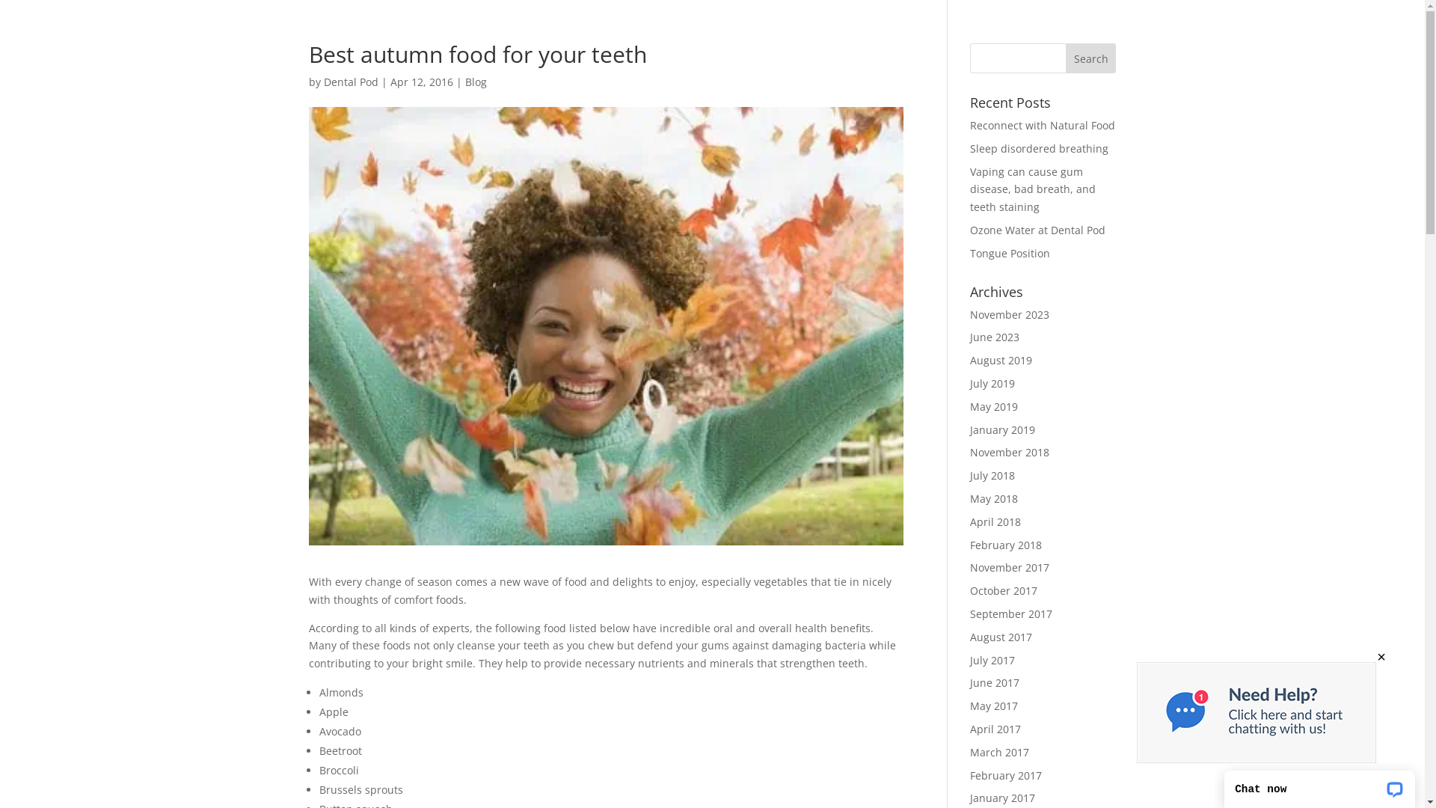 The height and width of the screenshot is (808, 1436). I want to click on 'April 2017', so click(995, 728).